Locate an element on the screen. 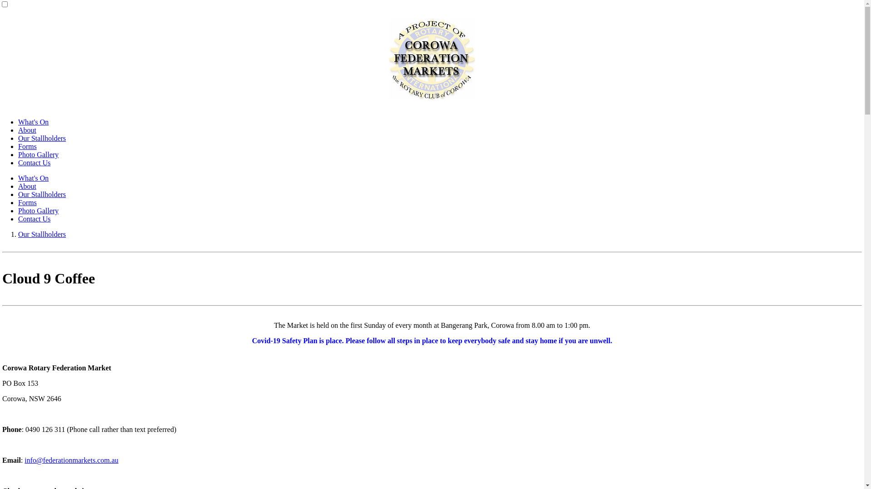  'info@federationmarkets.com.au' is located at coordinates (71, 460).